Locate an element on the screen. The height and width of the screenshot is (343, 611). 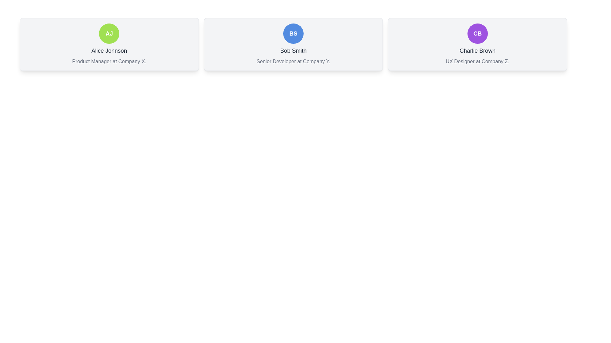
the circular avatar icon with a bright green background containing the characters 'AJ' in bold, located at the top center of the card for Alice Johnson is located at coordinates (109, 33).